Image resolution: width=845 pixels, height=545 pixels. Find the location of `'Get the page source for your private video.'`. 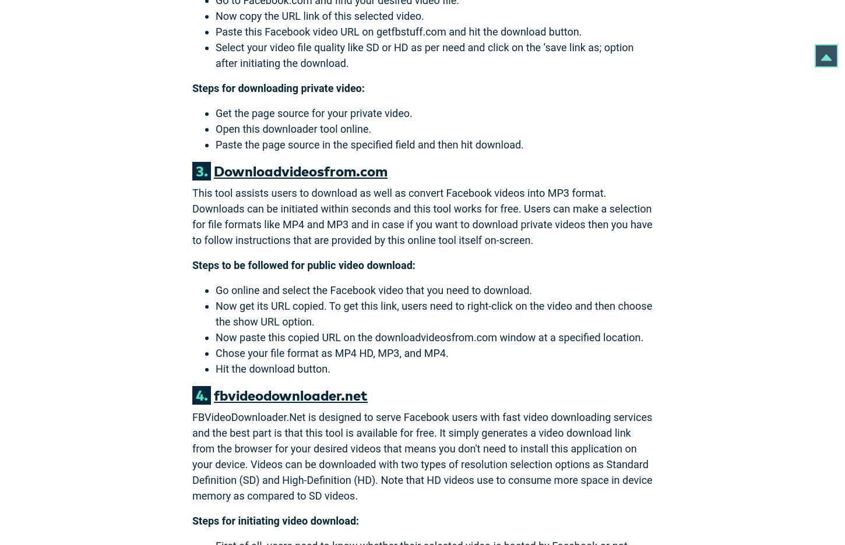

'Get the page source for your private video.' is located at coordinates (215, 112).